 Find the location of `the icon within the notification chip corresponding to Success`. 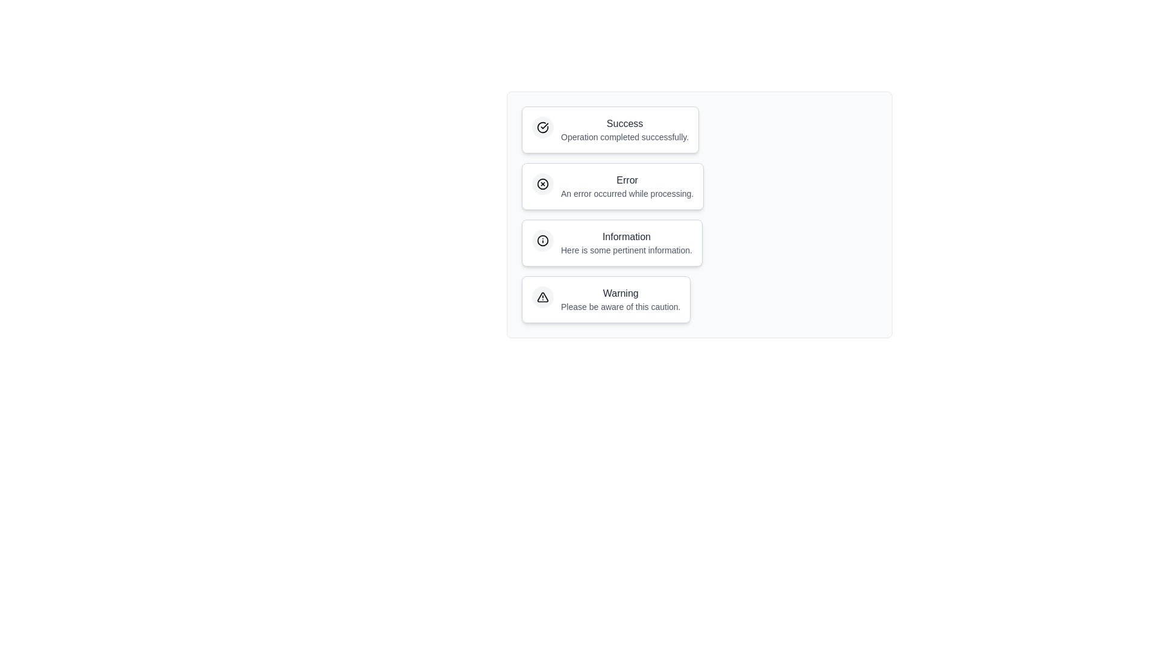

the icon within the notification chip corresponding to Success is located at coordinates (542, 128).